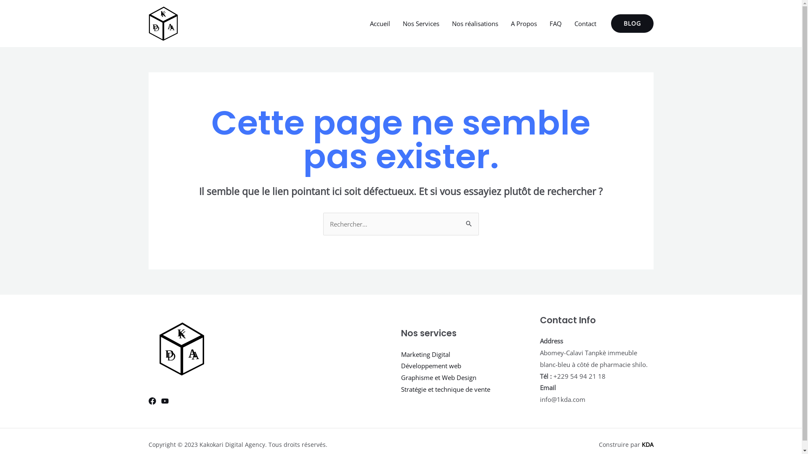 This screenshot has height=454, width=808. I want to click on 'Contact', so click(585, 23).